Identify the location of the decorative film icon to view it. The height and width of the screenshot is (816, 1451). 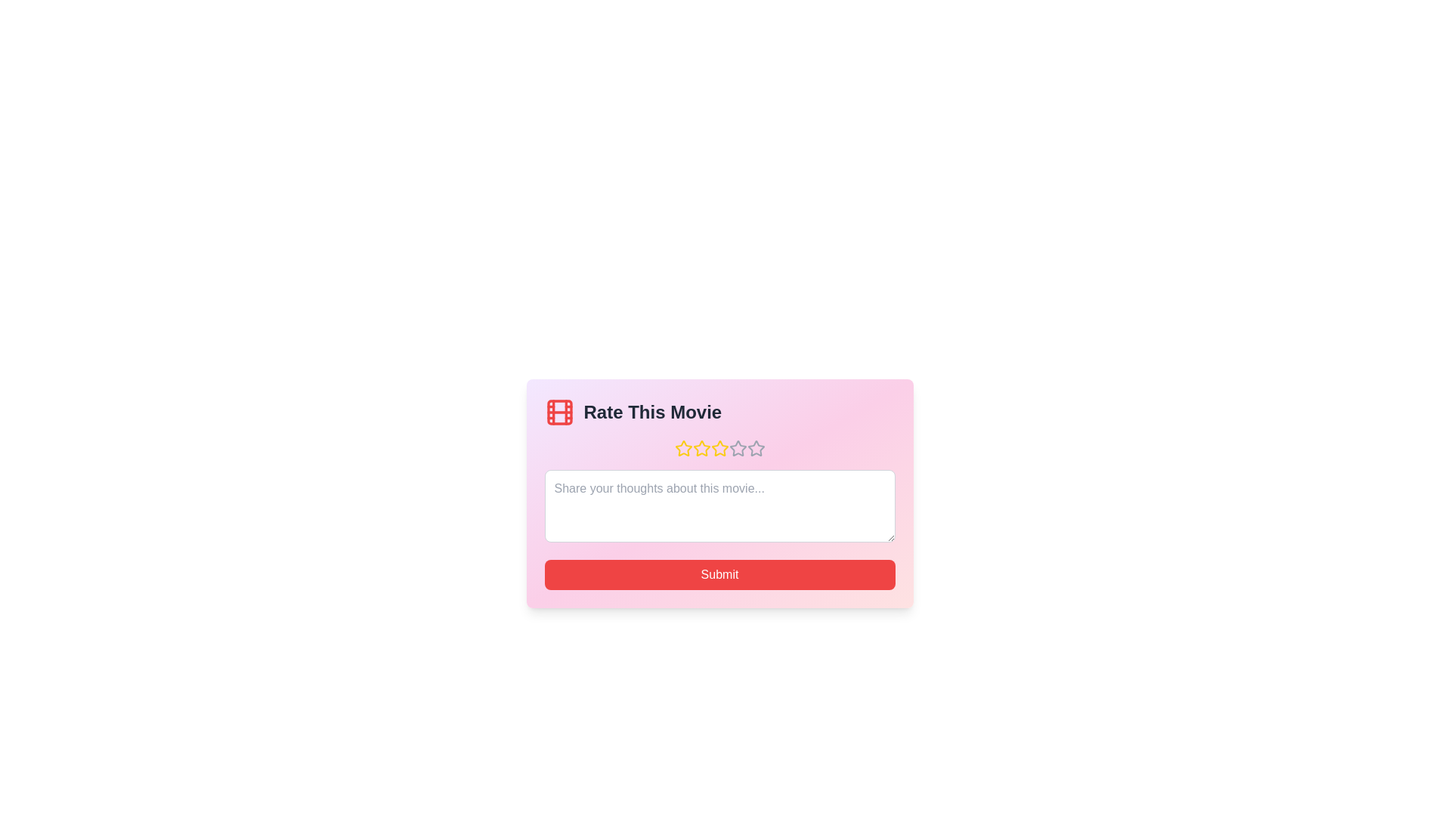
(558, 413).